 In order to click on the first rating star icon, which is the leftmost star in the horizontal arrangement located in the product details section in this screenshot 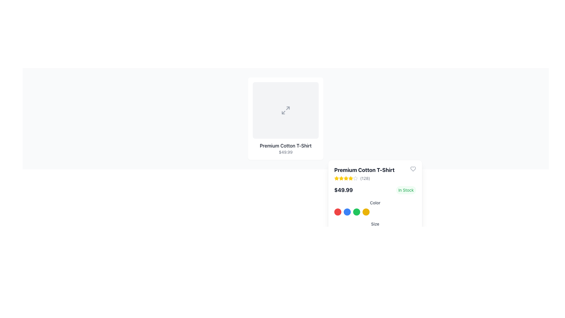, I will do `click(341, 178)`.